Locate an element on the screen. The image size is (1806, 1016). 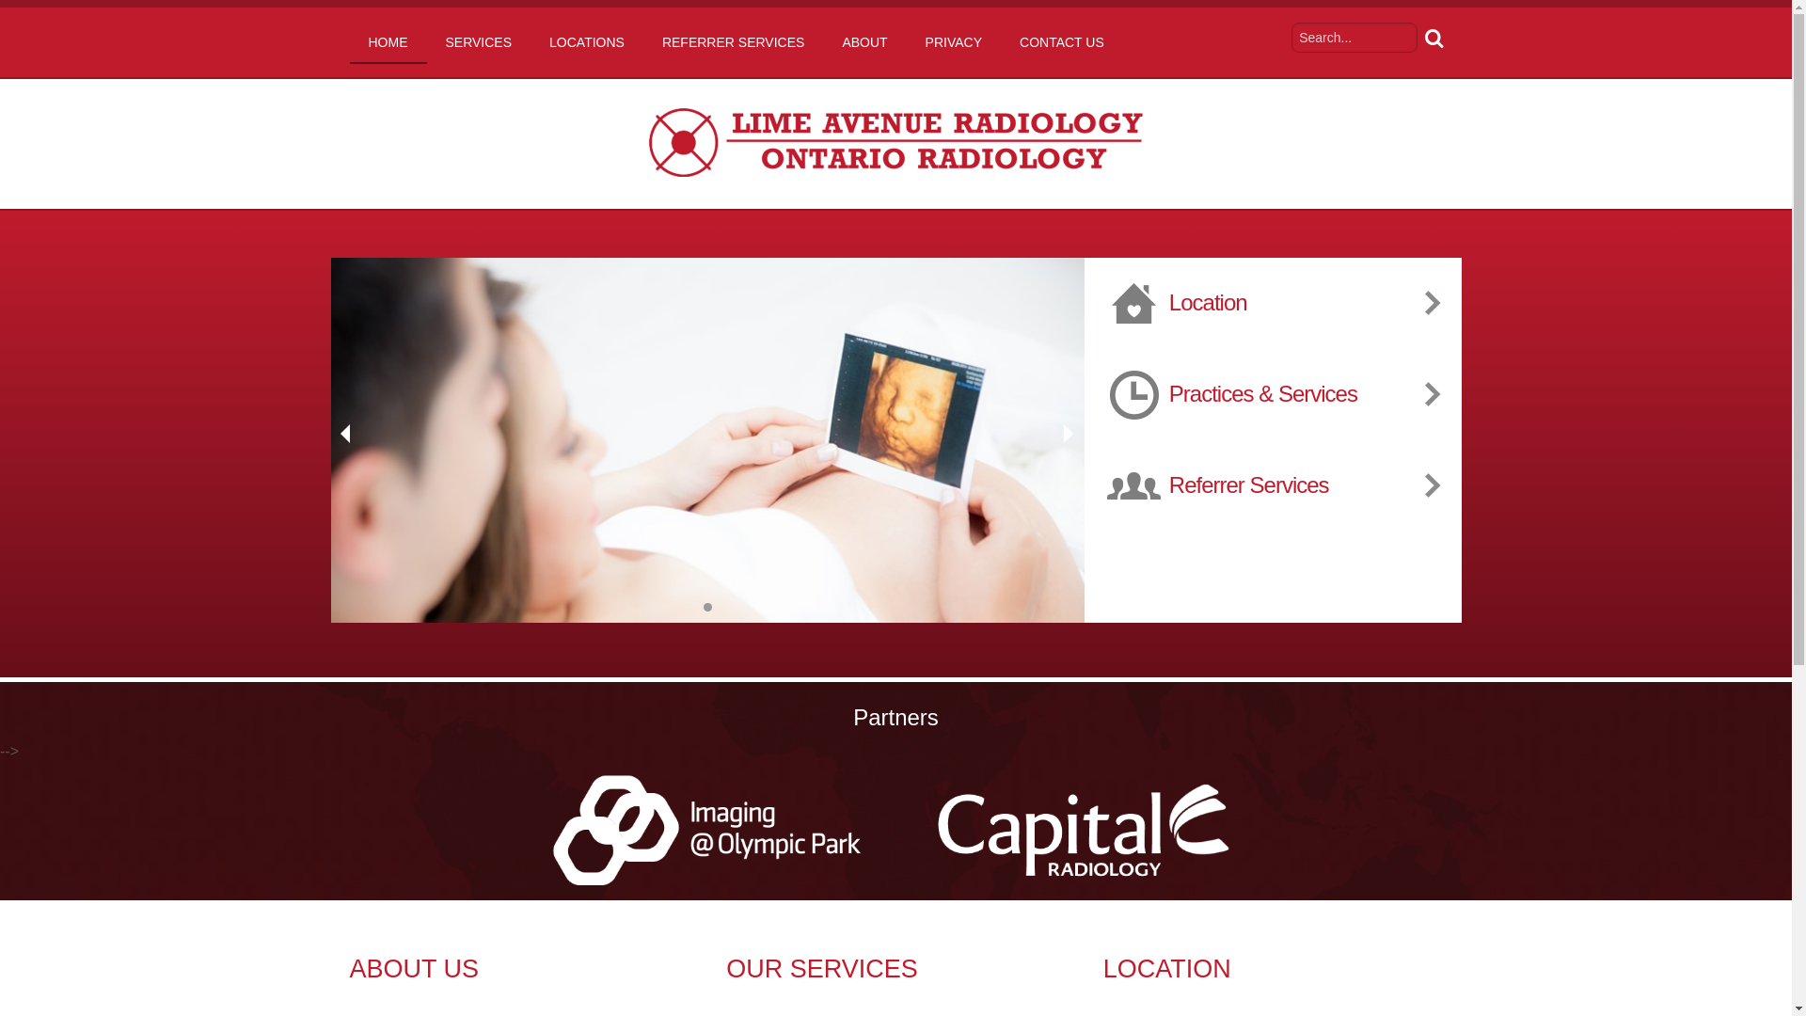
'PRIVACY' is located at coordinates (953, 42).